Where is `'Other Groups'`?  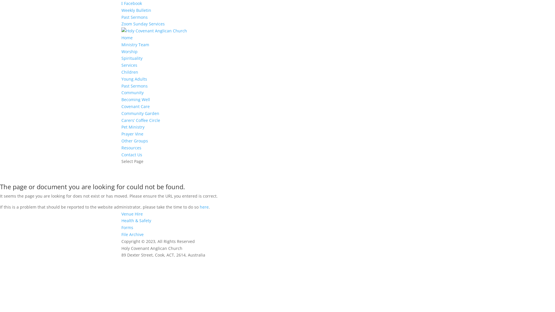 'Other Groups' is located at coordinates (134, 141).